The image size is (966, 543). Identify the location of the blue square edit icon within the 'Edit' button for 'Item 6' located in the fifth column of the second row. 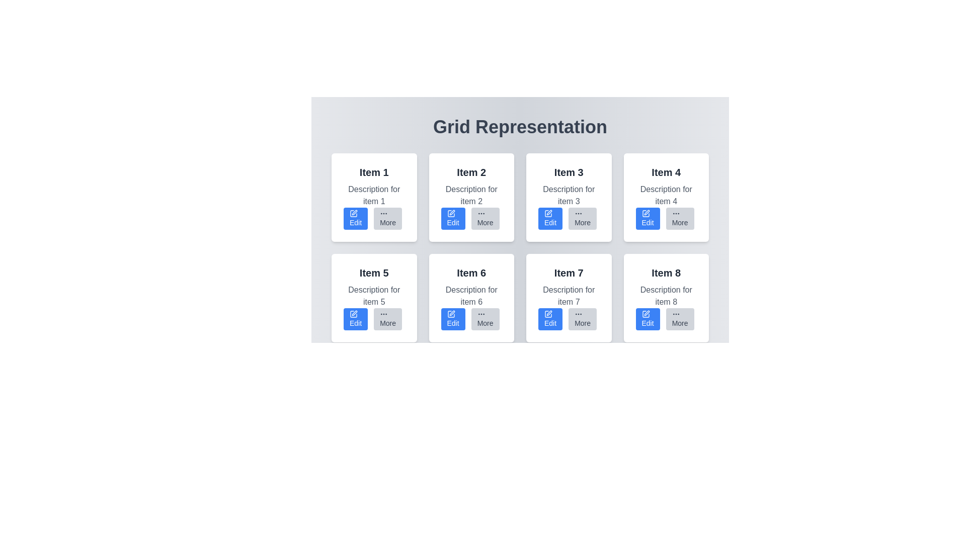
(450, 313).